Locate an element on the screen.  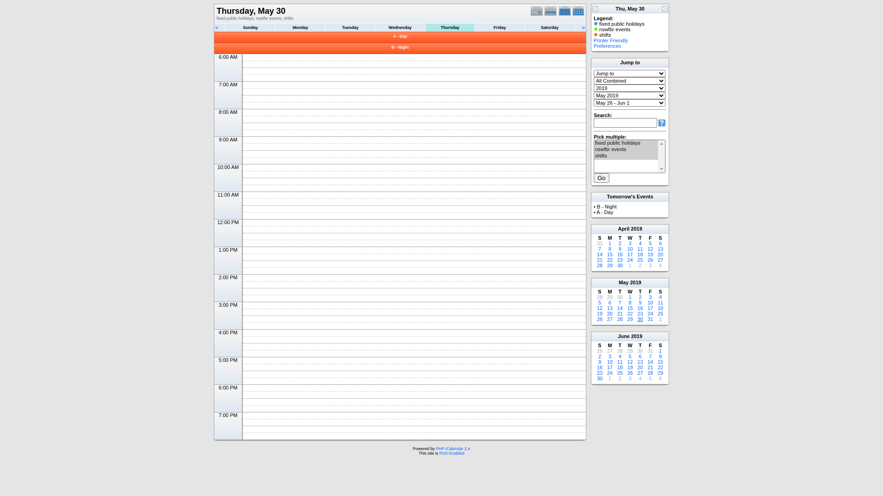
'1' is located at coordinates (629, 265).